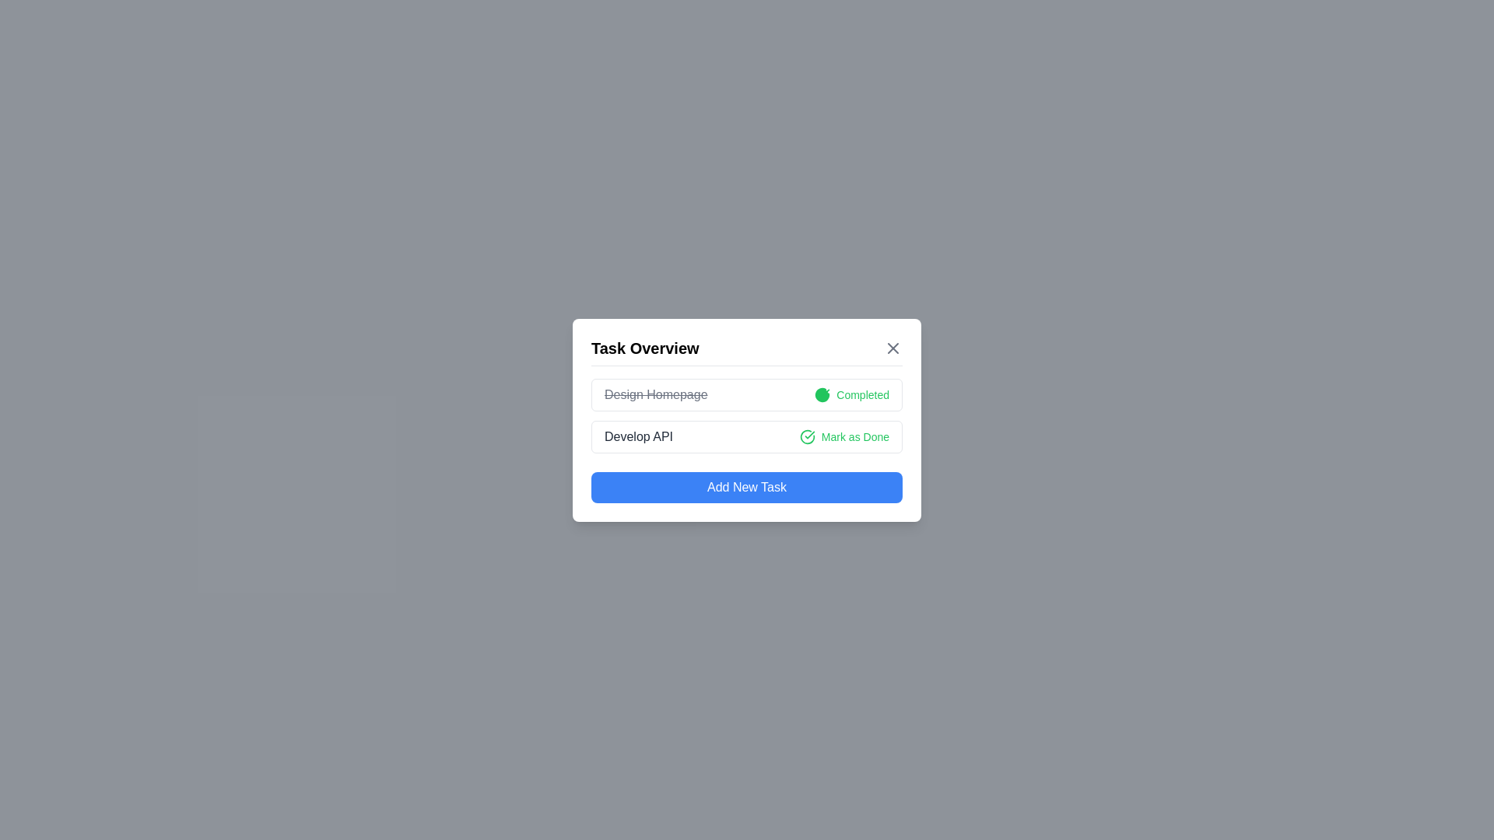 The height and width of the screenshot is (840, 1494). Describe the element at coordinates (807, 436) in the screenshot. I see `the completion indicator icon located to the left of the 'Mark as Done' text in the dialog box` at that location.